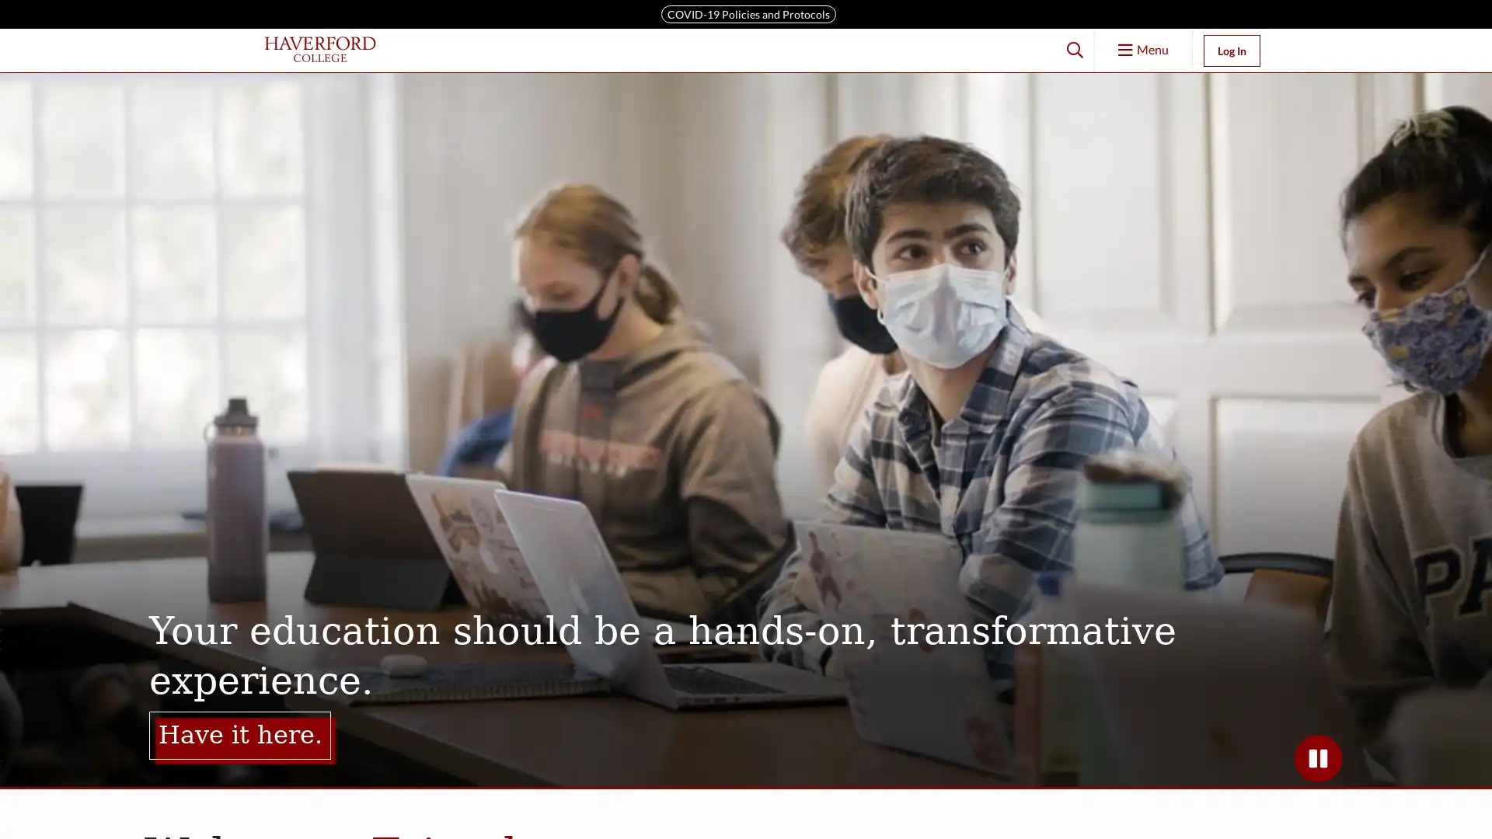  Describe the element at coordinates (1317, 757) in the screenshot. I see `pause or play video - no audio` at that location.